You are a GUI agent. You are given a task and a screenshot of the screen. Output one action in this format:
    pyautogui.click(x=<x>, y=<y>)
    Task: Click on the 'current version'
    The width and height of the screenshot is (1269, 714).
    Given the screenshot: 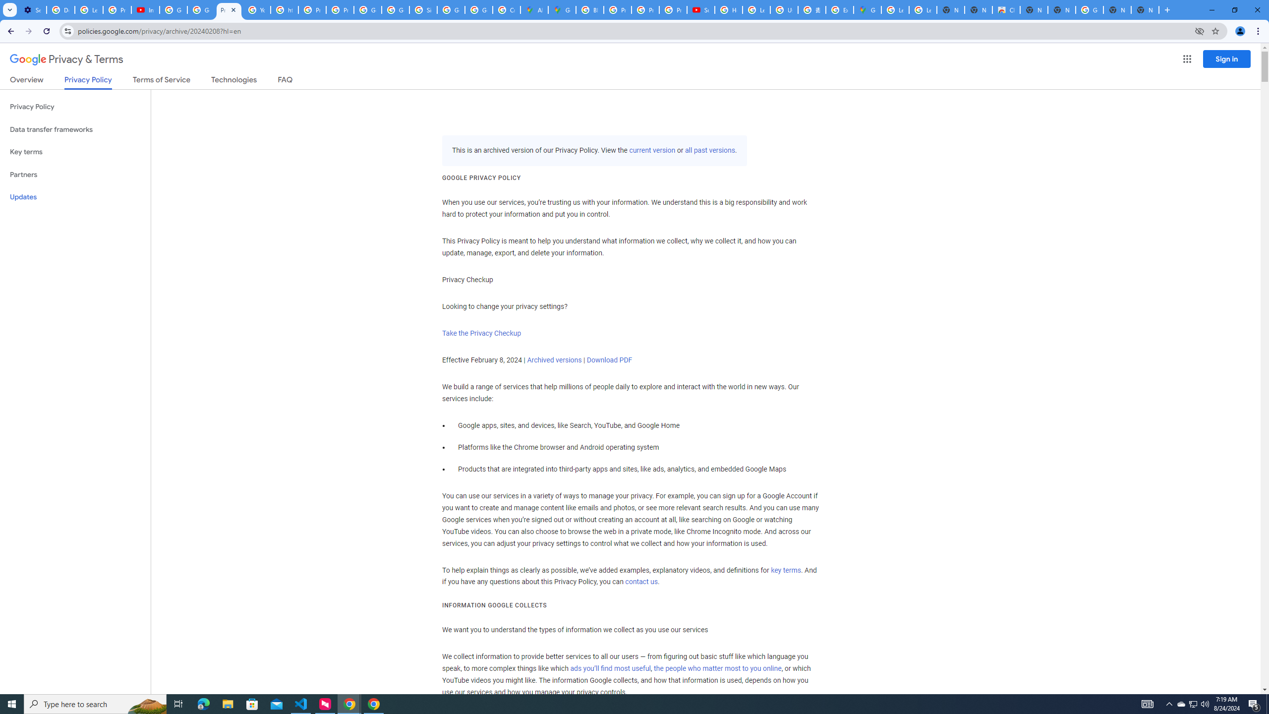 What is the action you would take?
    pyautogui.click(x=651, y=150)
    